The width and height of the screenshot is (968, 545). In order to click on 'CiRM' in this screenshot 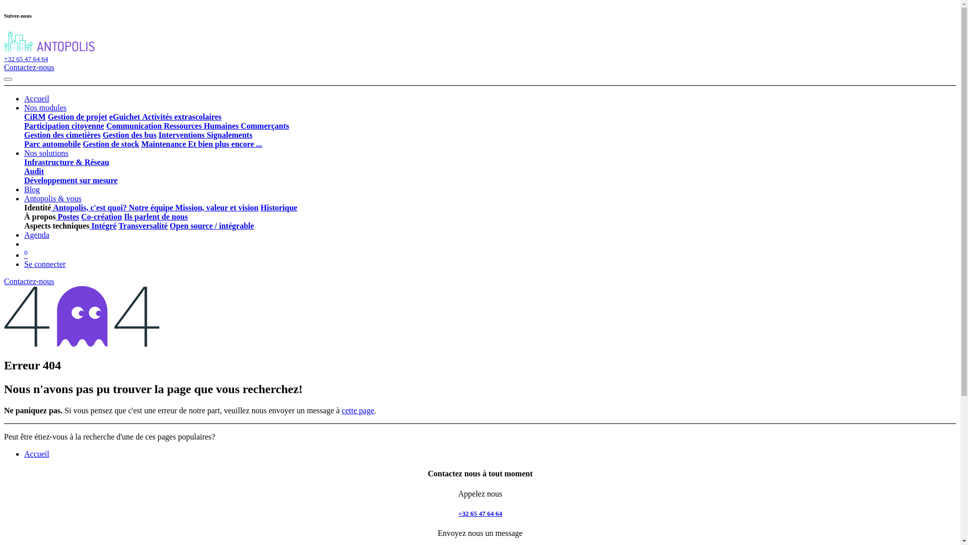, I will do `click(24, 116)`.